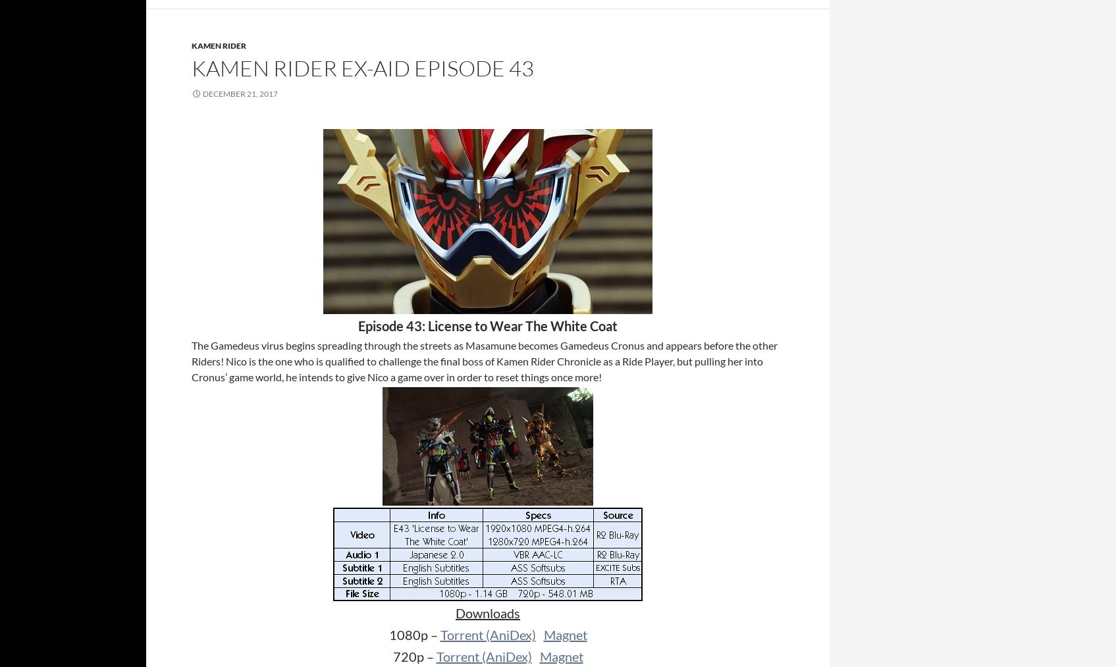 The height and width of the screenshot is (667, 1116). Describe the element at coordinates (487, 325) in the screenshot. I see `'Episode 43: License to Wear The White Coat'` at that location.